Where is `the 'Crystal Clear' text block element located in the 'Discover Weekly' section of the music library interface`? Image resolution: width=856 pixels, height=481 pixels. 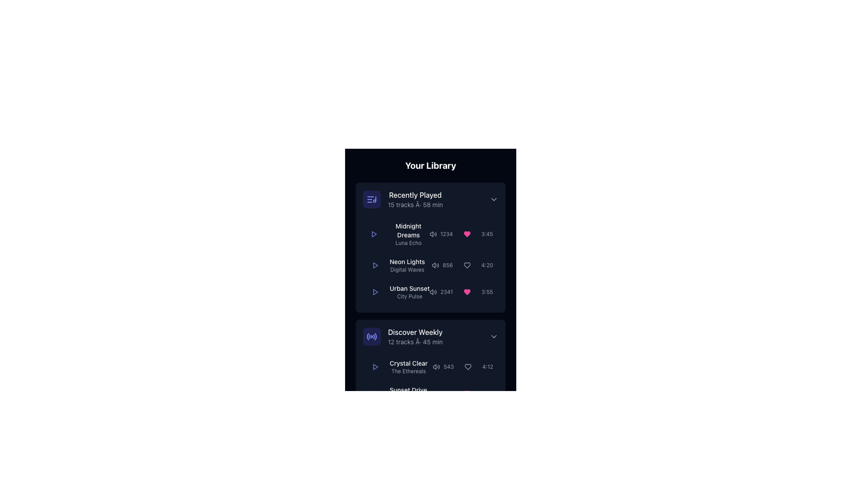 the 'Crystal Clear' text block element located in the 'Discover Weekly' section of the music library interface is located at coordinates (408, 367).